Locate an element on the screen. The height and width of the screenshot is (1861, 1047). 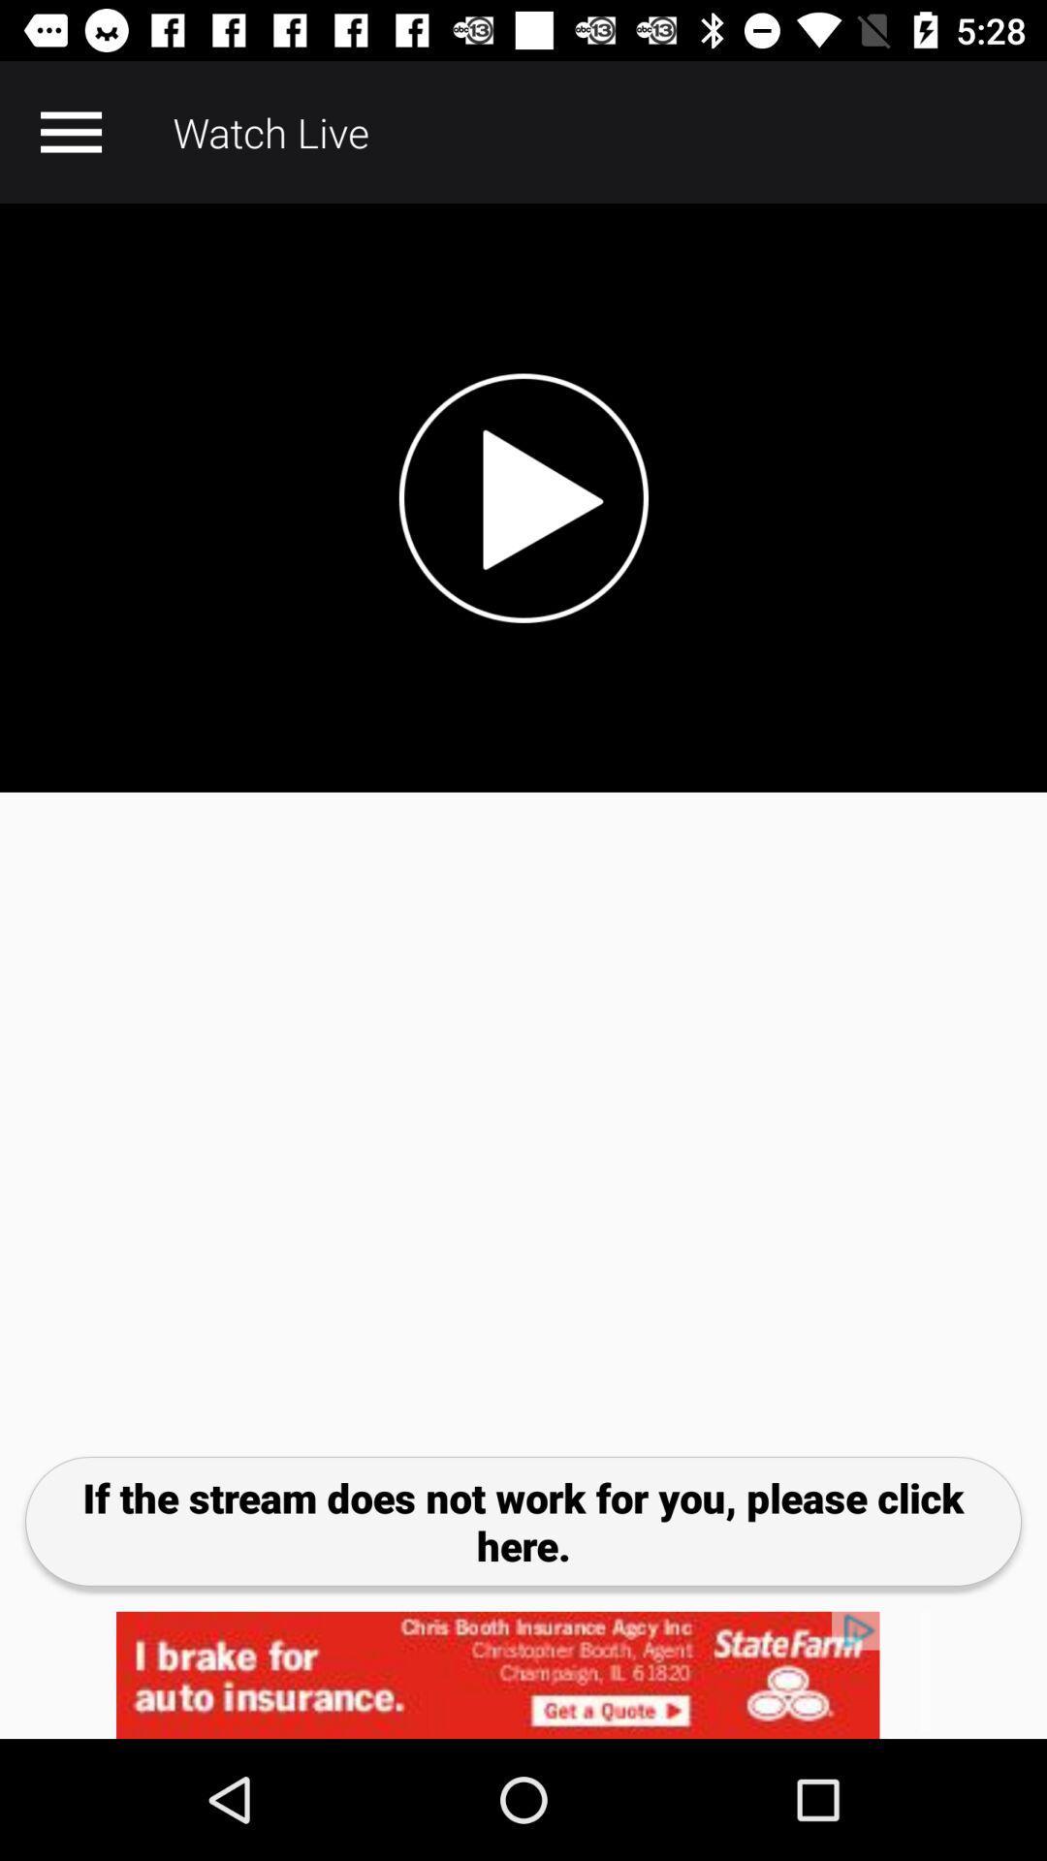
video tab is located at coordinates (523, 497).